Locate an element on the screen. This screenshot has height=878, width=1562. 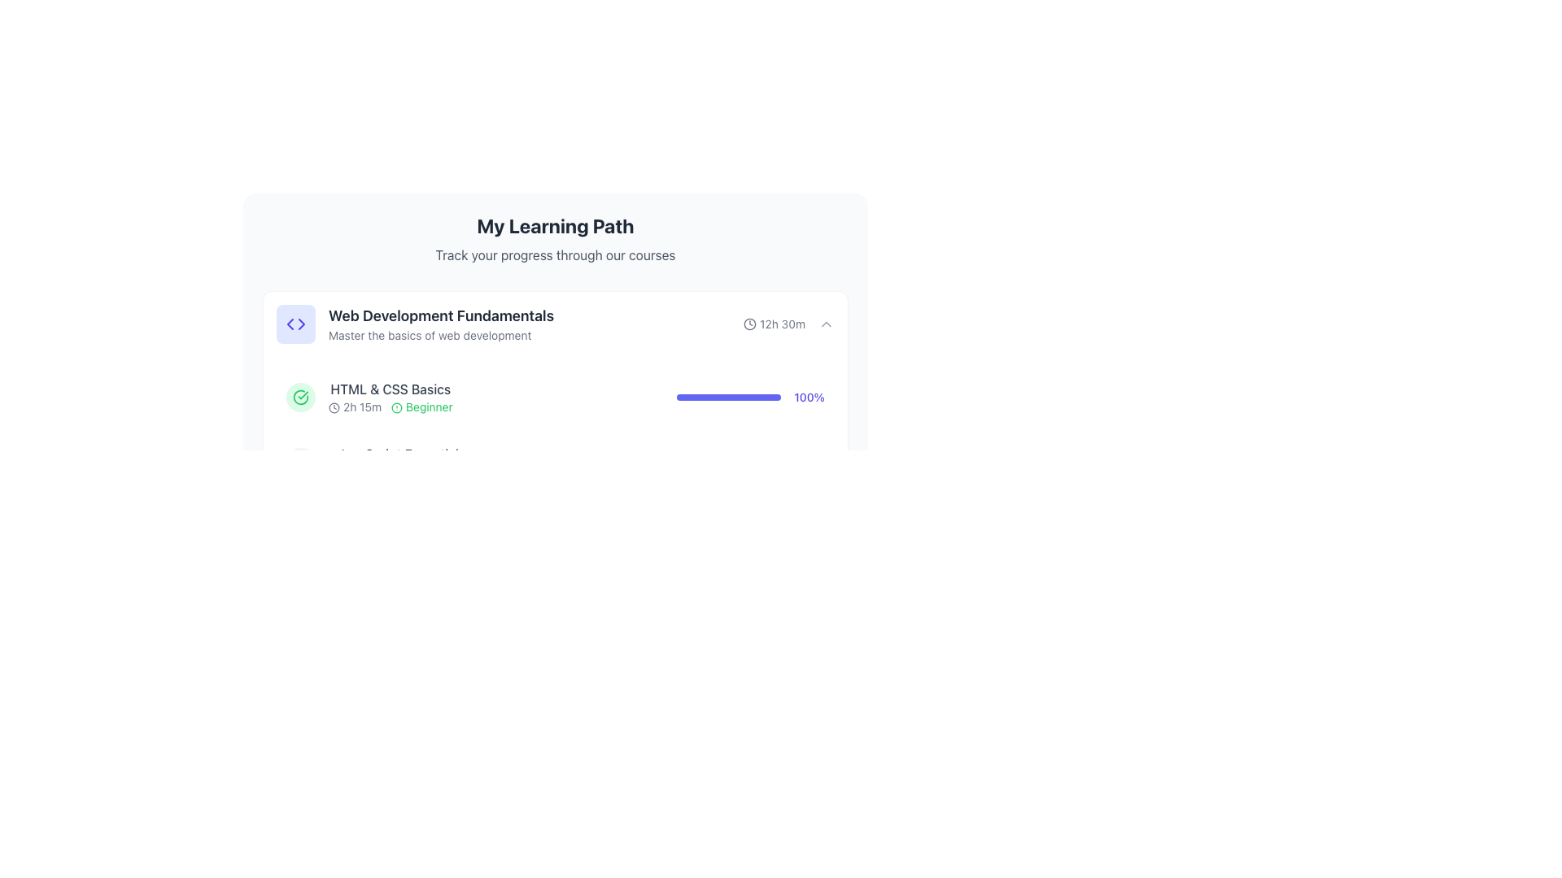
the play button located to the left of the text 'JavaScript Essentials' is located at coordinates (300, 463).